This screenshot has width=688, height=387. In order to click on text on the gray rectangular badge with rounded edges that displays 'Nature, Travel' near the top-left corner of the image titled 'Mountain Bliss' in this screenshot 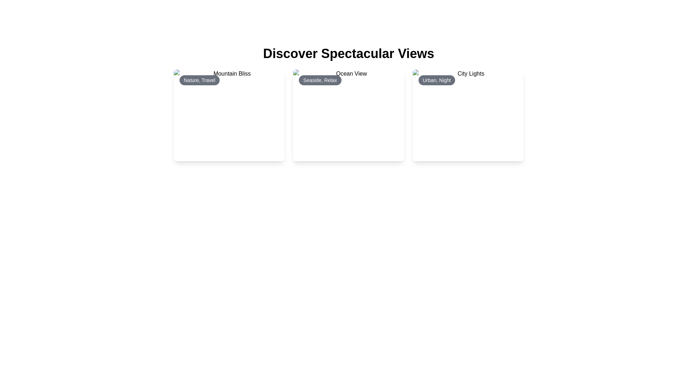, I will do `click(199, 80)`.